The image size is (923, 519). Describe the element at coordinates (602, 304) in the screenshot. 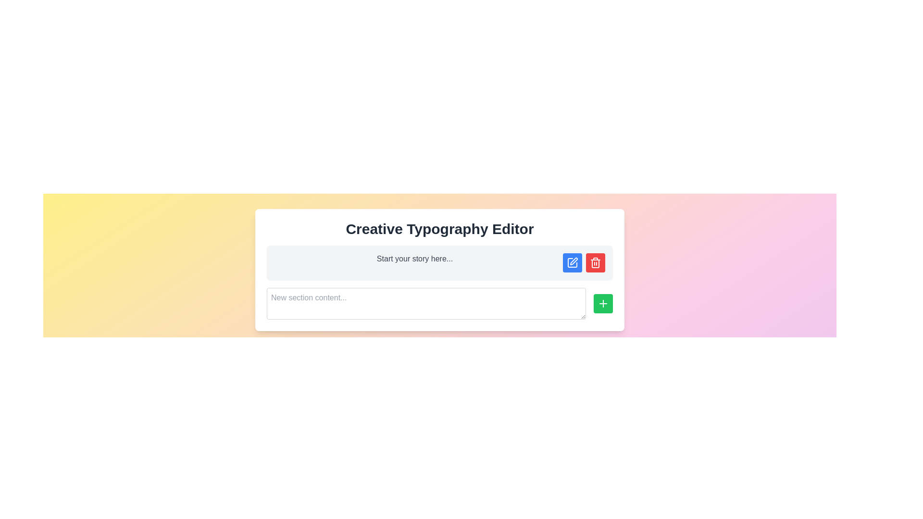

I see `the green rectangular button with rounded corners that contains a white plus symbol at its center` at that location.